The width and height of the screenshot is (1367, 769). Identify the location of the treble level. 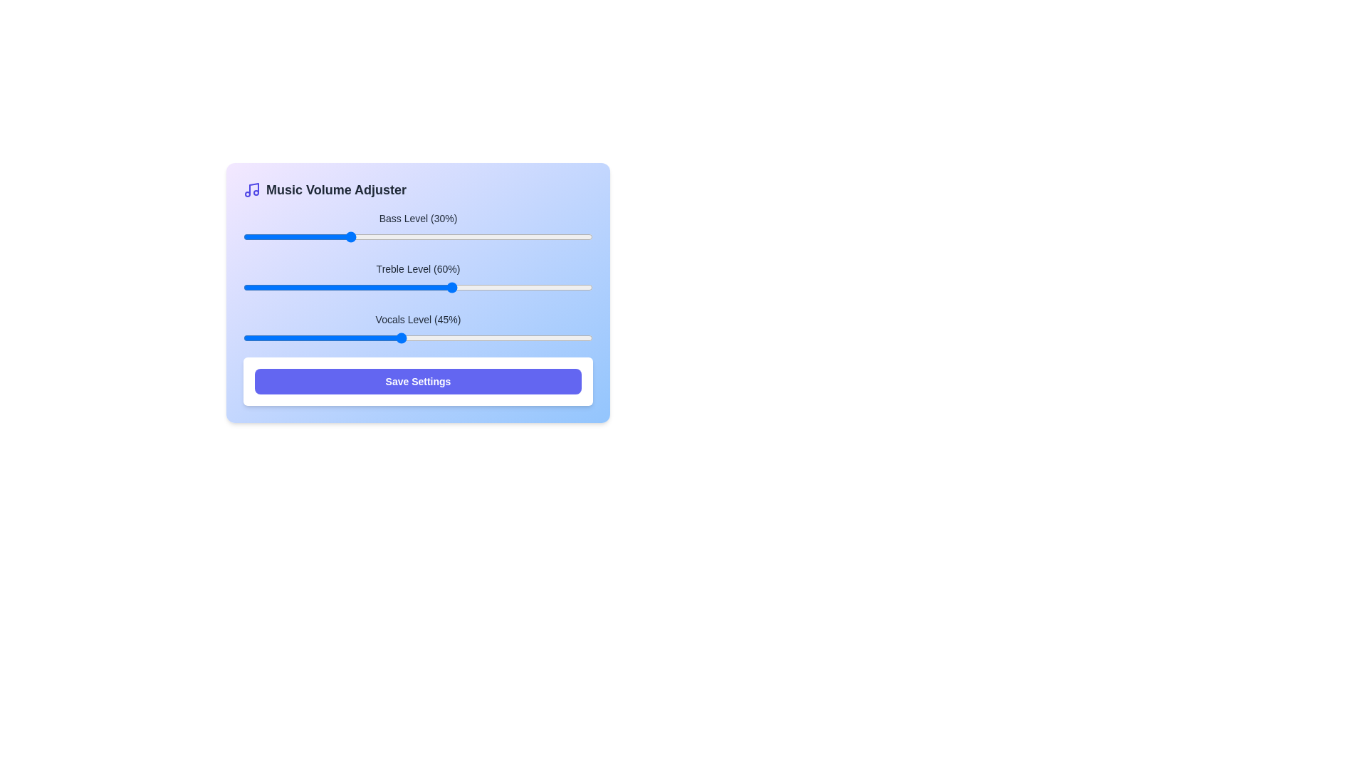
(383, 288).